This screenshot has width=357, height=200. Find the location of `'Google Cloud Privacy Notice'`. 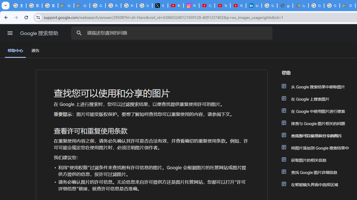

'Google Cloud Privacy Notice' is located at coordinates (81, 6).